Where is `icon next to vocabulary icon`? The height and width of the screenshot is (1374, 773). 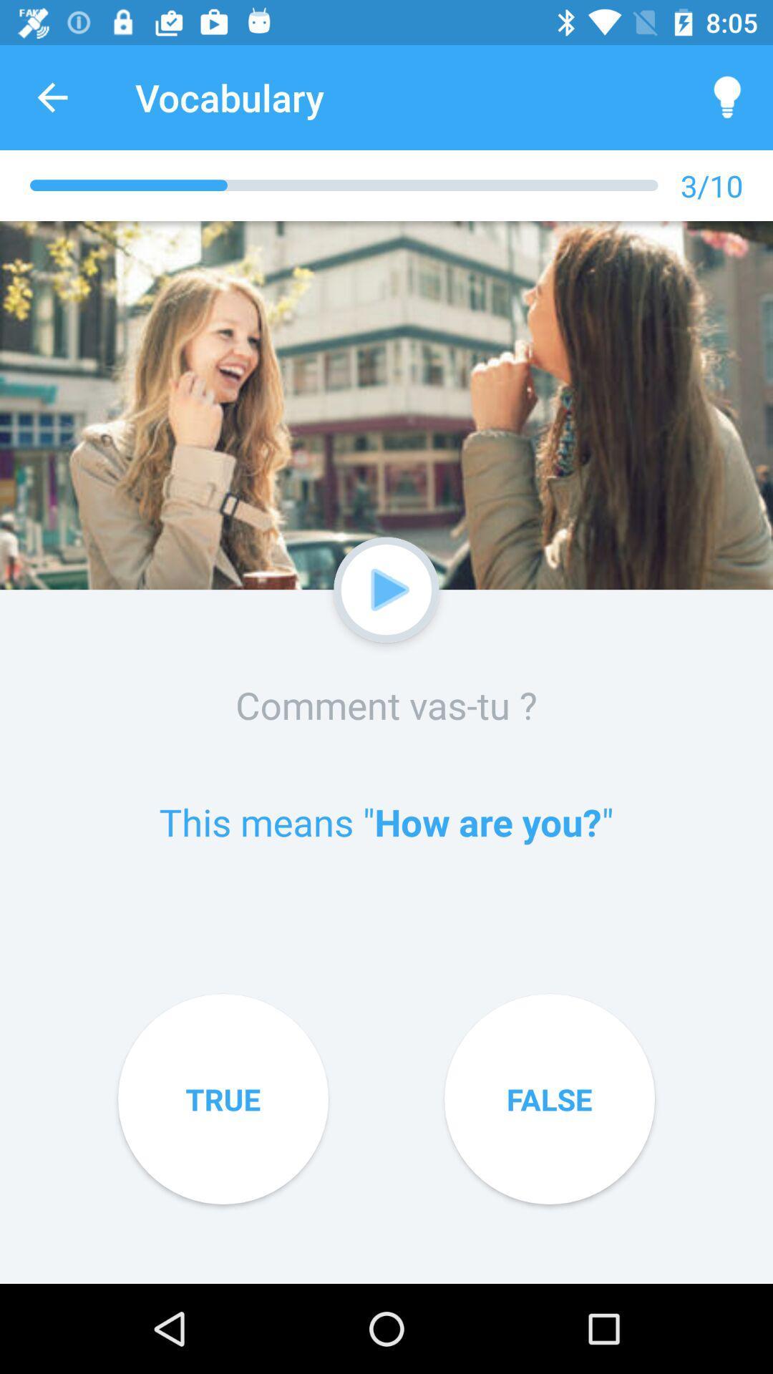 icon next to vocabulary icon is located at coordinates (52, 97).